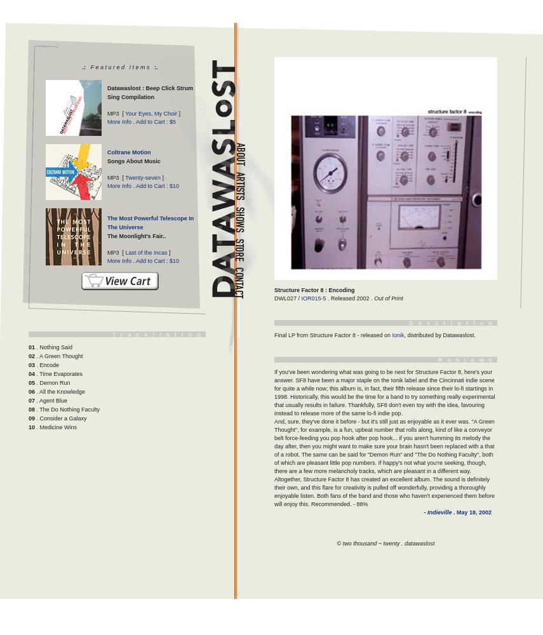 This screenshot has width=543, height=635. I want to click on '07', so click(31, 401).